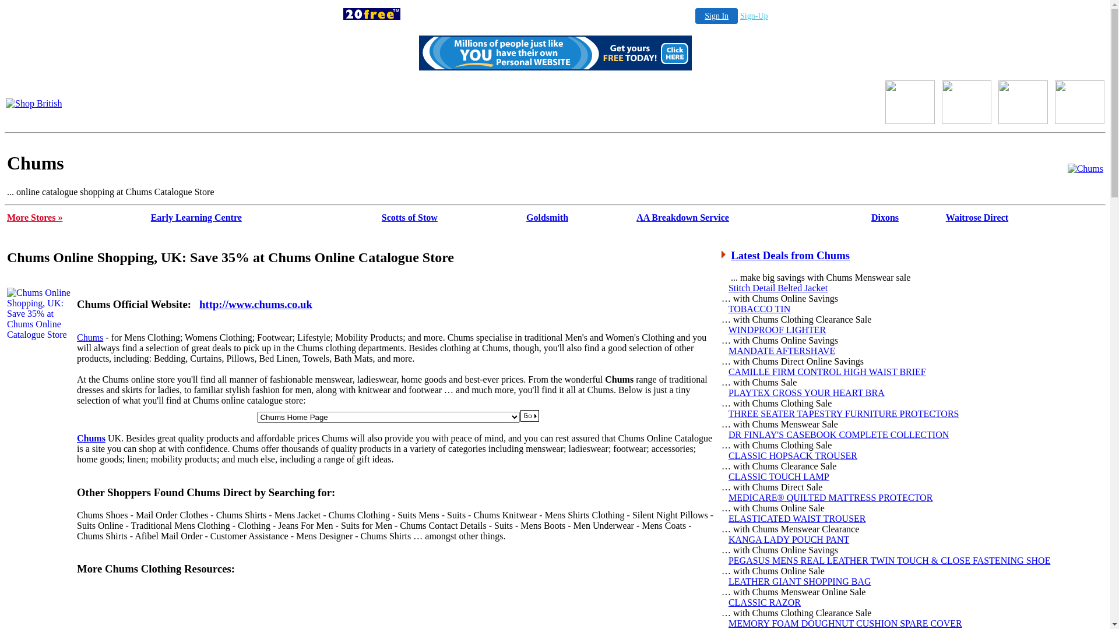 Image resolution: width=1119 pixels, height=629 pixels. Describe the element at coordinates (727, 455) in the screenshot. I see `'CLASSIC HOPSACK TROUSER'` at that location.